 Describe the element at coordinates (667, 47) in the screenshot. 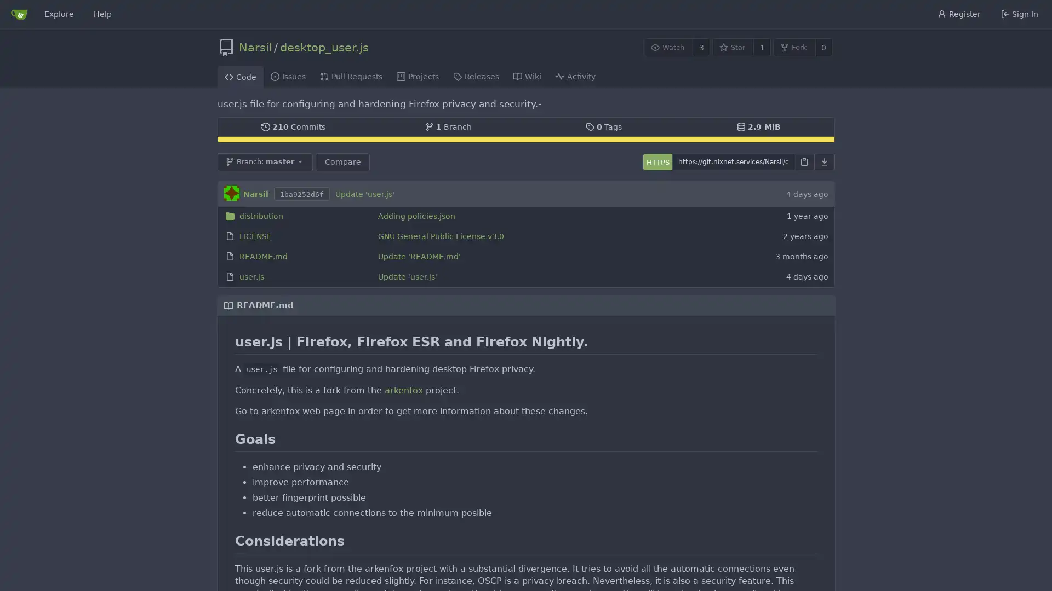

I see `Watch` at that location.